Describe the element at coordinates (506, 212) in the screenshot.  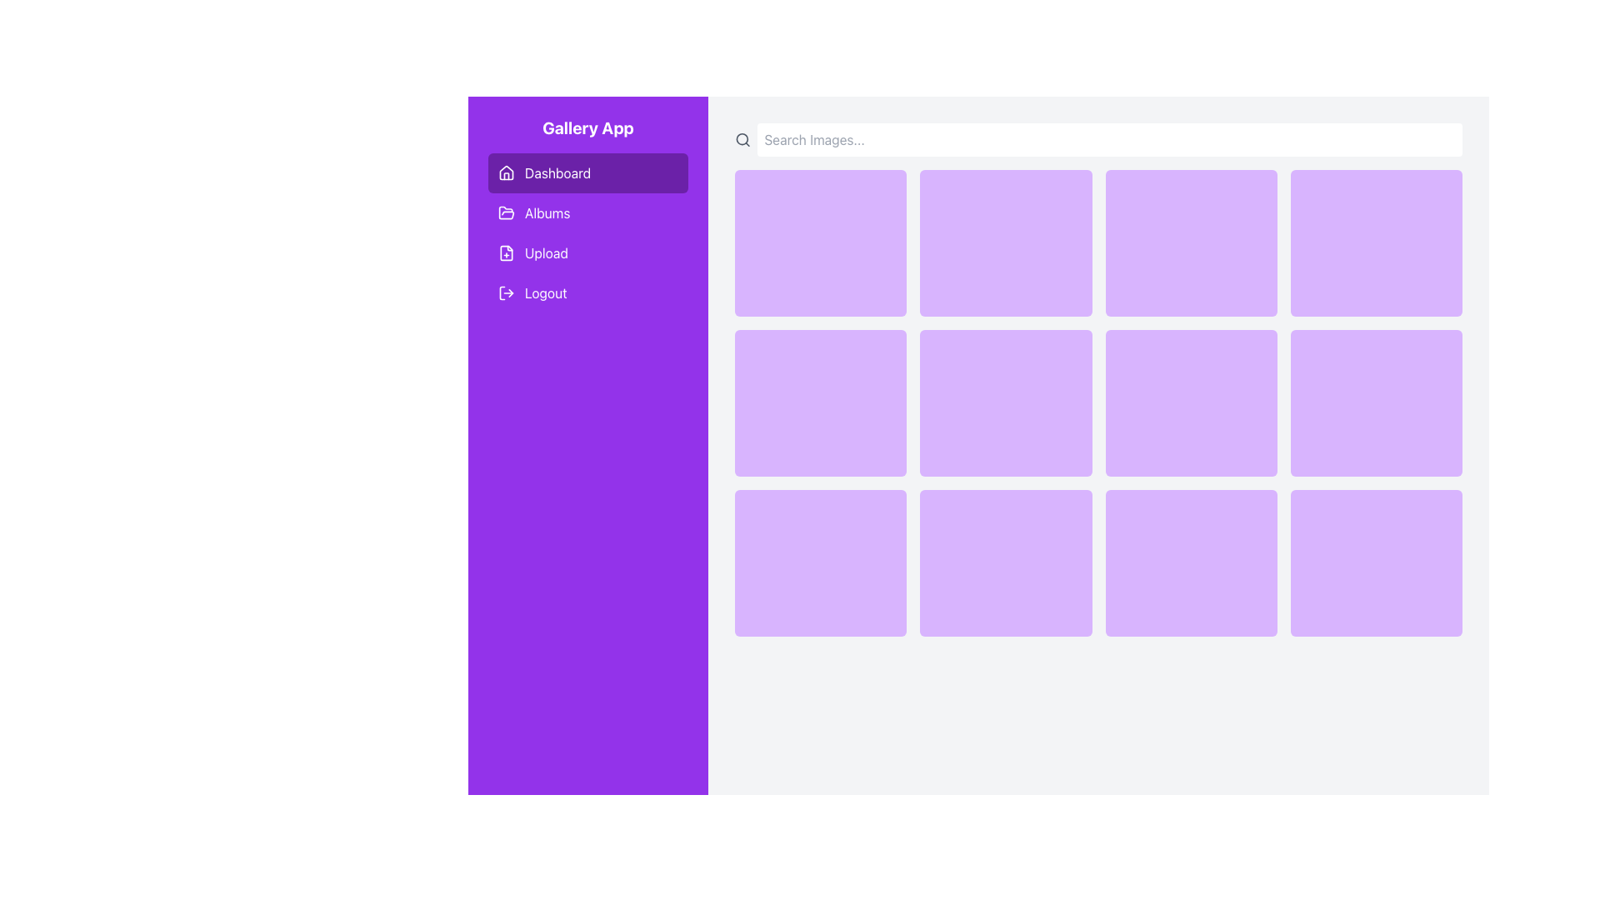
I see `the 'Albums' SVG Icon in the vertical navigation menu` at that location.